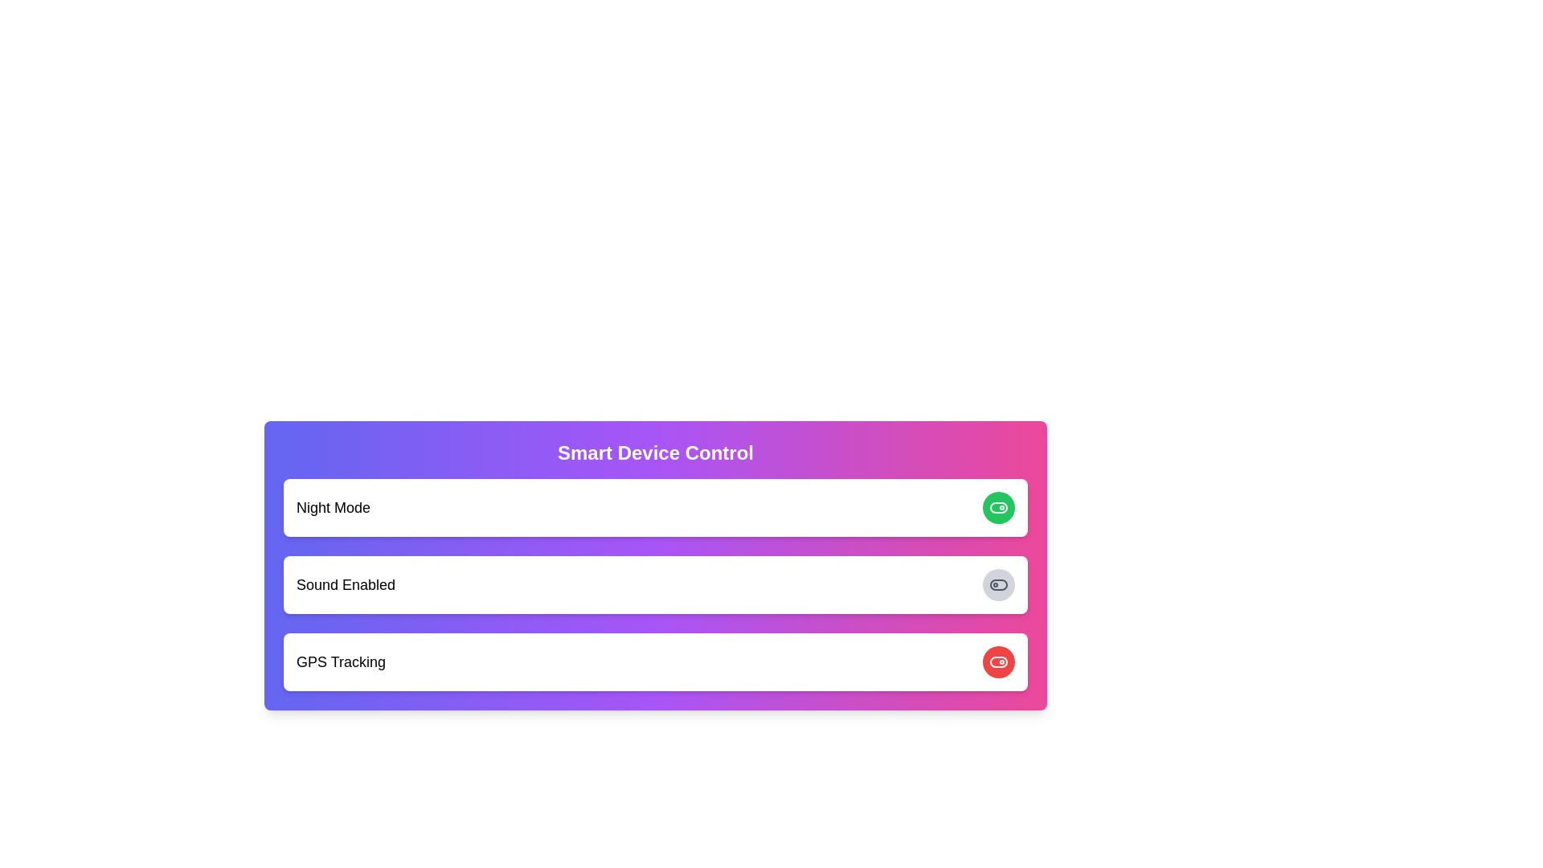  Describe the element at coordinates (345, 585) in the screenshot. I see `the text label that clarifies the functionality of the associated toggle switch for enabling or disabling sound, located in the second row under 'Smart Device Control'` at that location.